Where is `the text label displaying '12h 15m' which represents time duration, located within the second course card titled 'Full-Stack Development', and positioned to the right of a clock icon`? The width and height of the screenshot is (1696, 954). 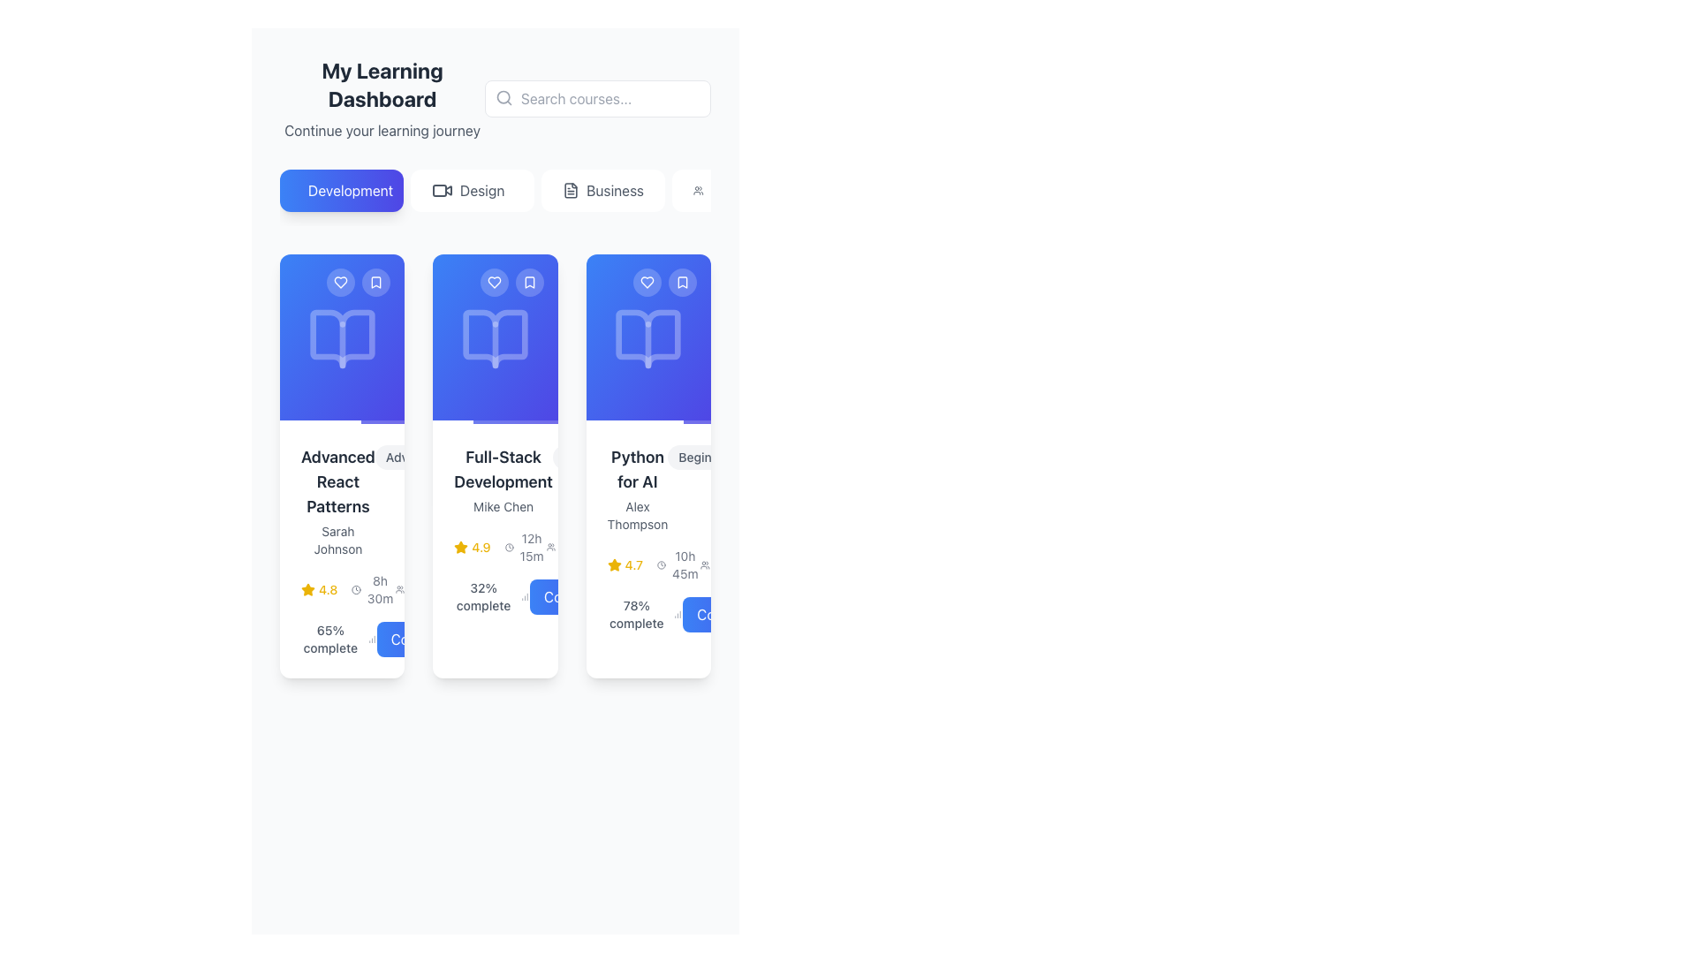
the text label displaying '12h 15m' which represents time duration, located within the second course card titled 'Full-Stack Development', and positioned to the right of a clock icon is located at coordinates (531, 547).